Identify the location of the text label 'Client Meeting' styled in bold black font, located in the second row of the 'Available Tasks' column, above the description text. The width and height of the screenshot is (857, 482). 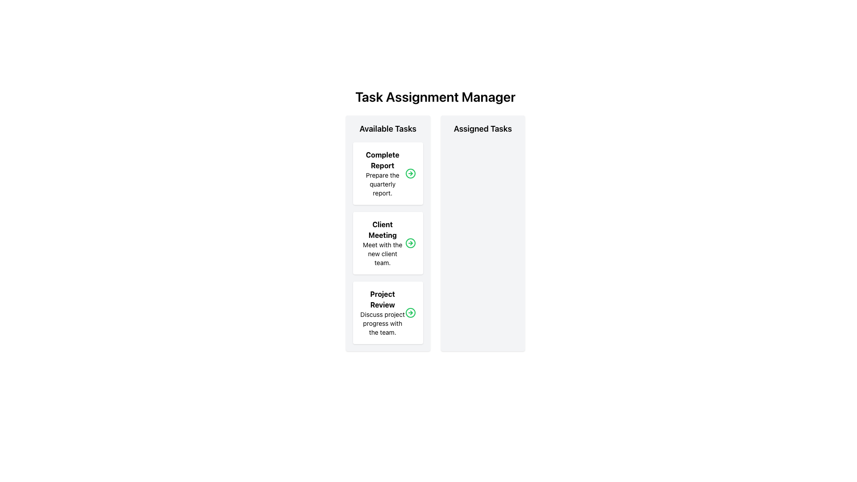
(383, 229).